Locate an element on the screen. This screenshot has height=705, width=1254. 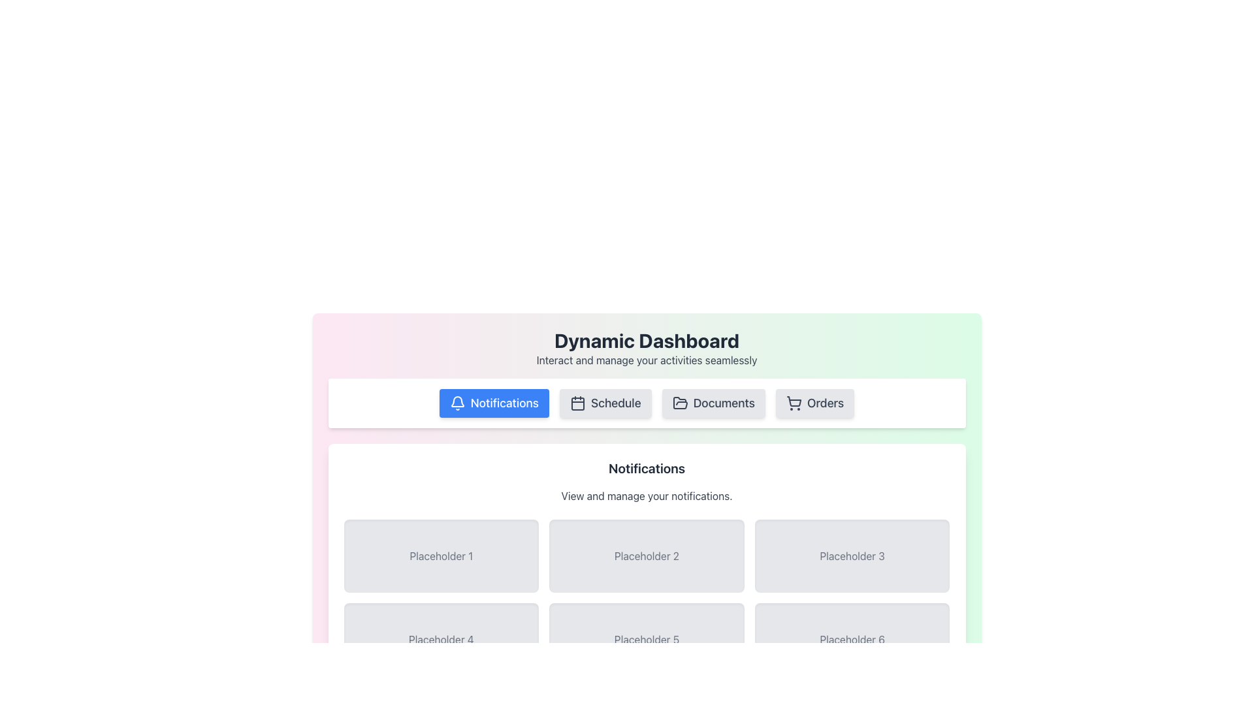
the Static card placeholder located in the bottom-left of the grid layout, specifically fourth among six similar elements, positioned directly below 'Placeholder 1' and adjacent to 'Placeholder 5' is located at coordinates (441, 638).